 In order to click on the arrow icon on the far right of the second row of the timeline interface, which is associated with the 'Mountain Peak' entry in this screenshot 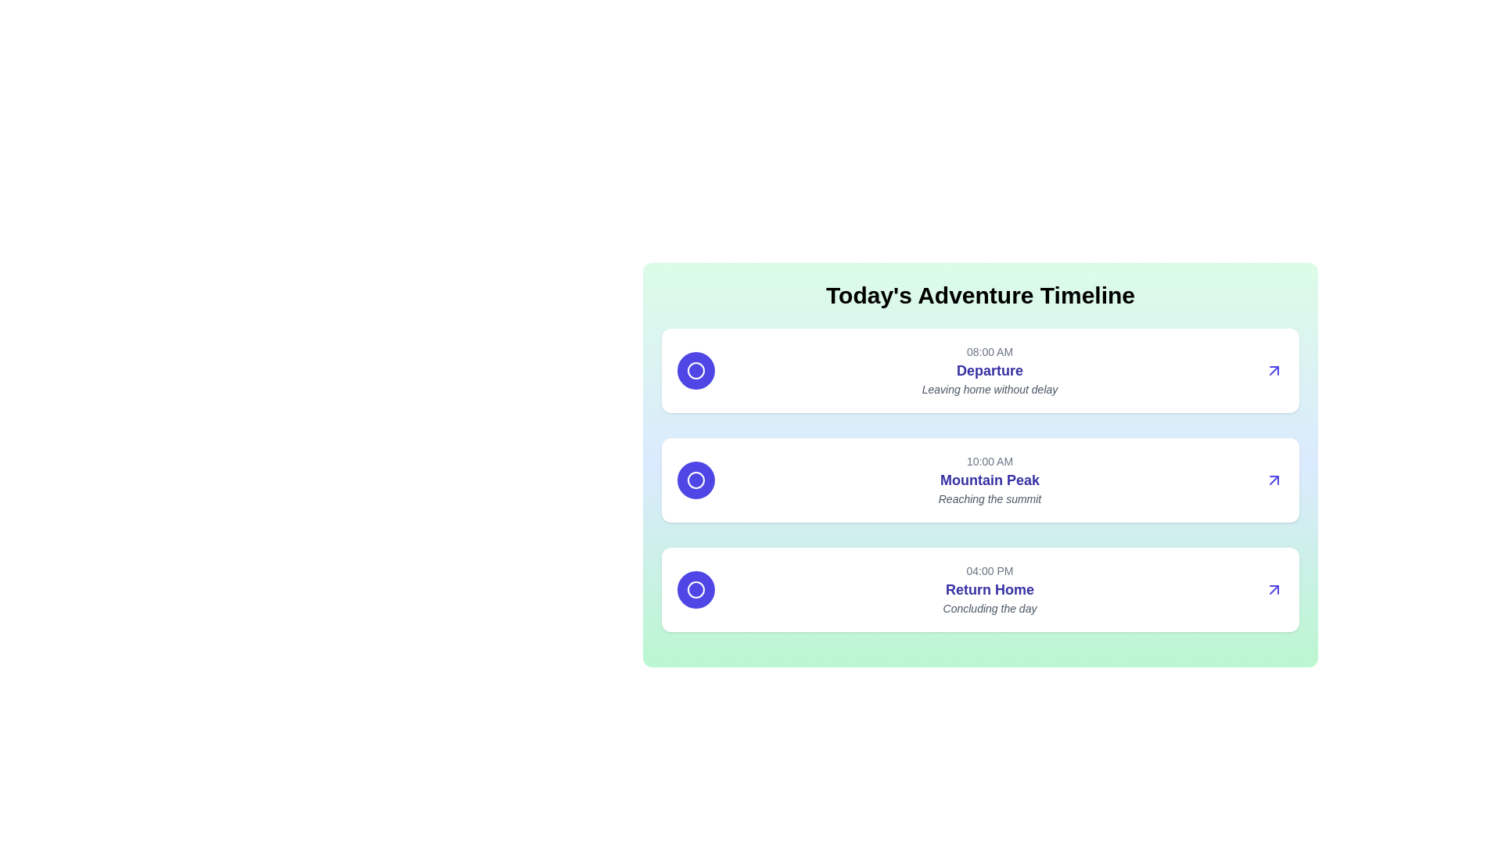, I will do `click(1274, 589)`.